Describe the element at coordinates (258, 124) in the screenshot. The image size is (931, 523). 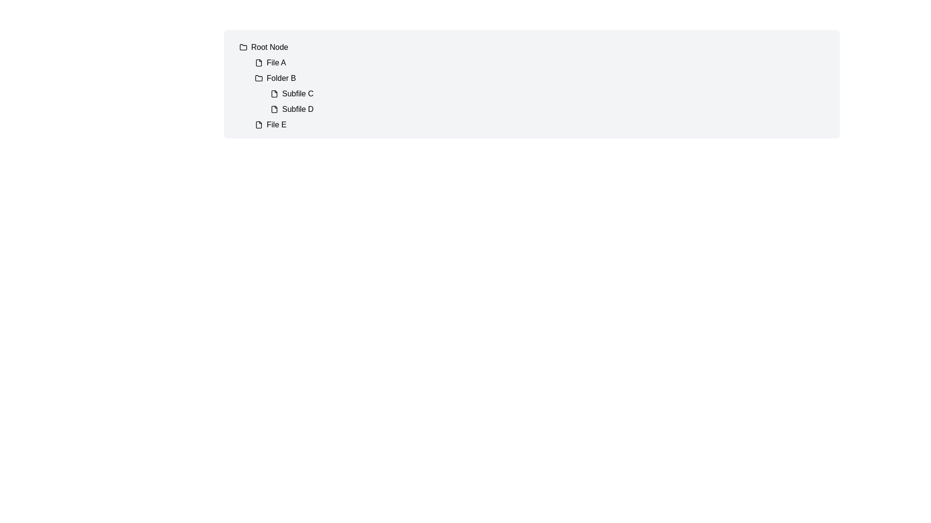
I see `the file icon associated with 'File E' in the file hierarchy to interact with it` at that location.